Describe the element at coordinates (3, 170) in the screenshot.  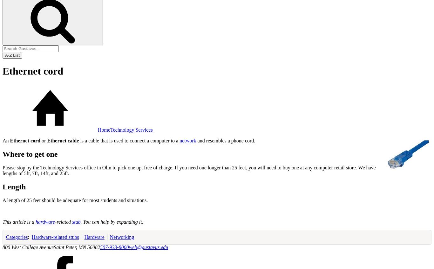
I see `'Please stop by the Technology Services office in Olin to pick one up, free of charge. If you need one longer than 25 feet, you will need to buy one at any computer retail store. We have lengths of 5ft, 7ft, 14ft, and 25ft.'` at that location.